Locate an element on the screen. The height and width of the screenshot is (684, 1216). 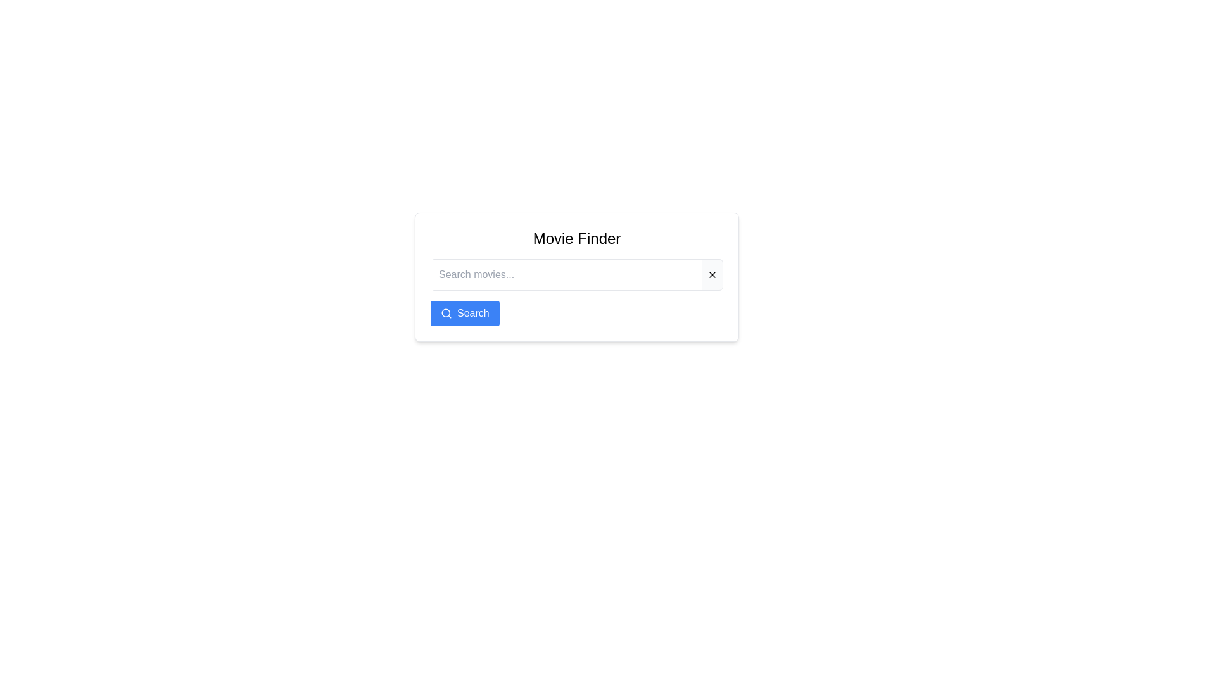
the blue button labeled 'Search' with a magnifying glass icon to observe hover effects is located at coordinates (464, 313).